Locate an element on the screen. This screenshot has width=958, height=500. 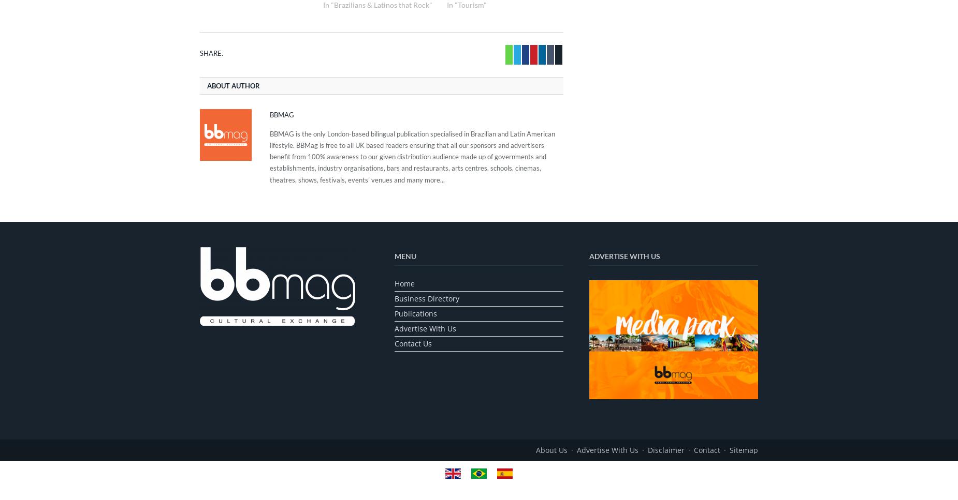
'Home' is located at coordinates (395, 283).